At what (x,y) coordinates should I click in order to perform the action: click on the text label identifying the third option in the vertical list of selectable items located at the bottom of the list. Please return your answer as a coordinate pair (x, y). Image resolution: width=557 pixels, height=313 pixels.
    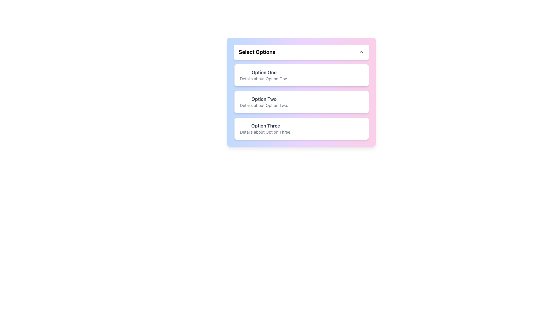
    Looking at the image, I should click on (265, 125).